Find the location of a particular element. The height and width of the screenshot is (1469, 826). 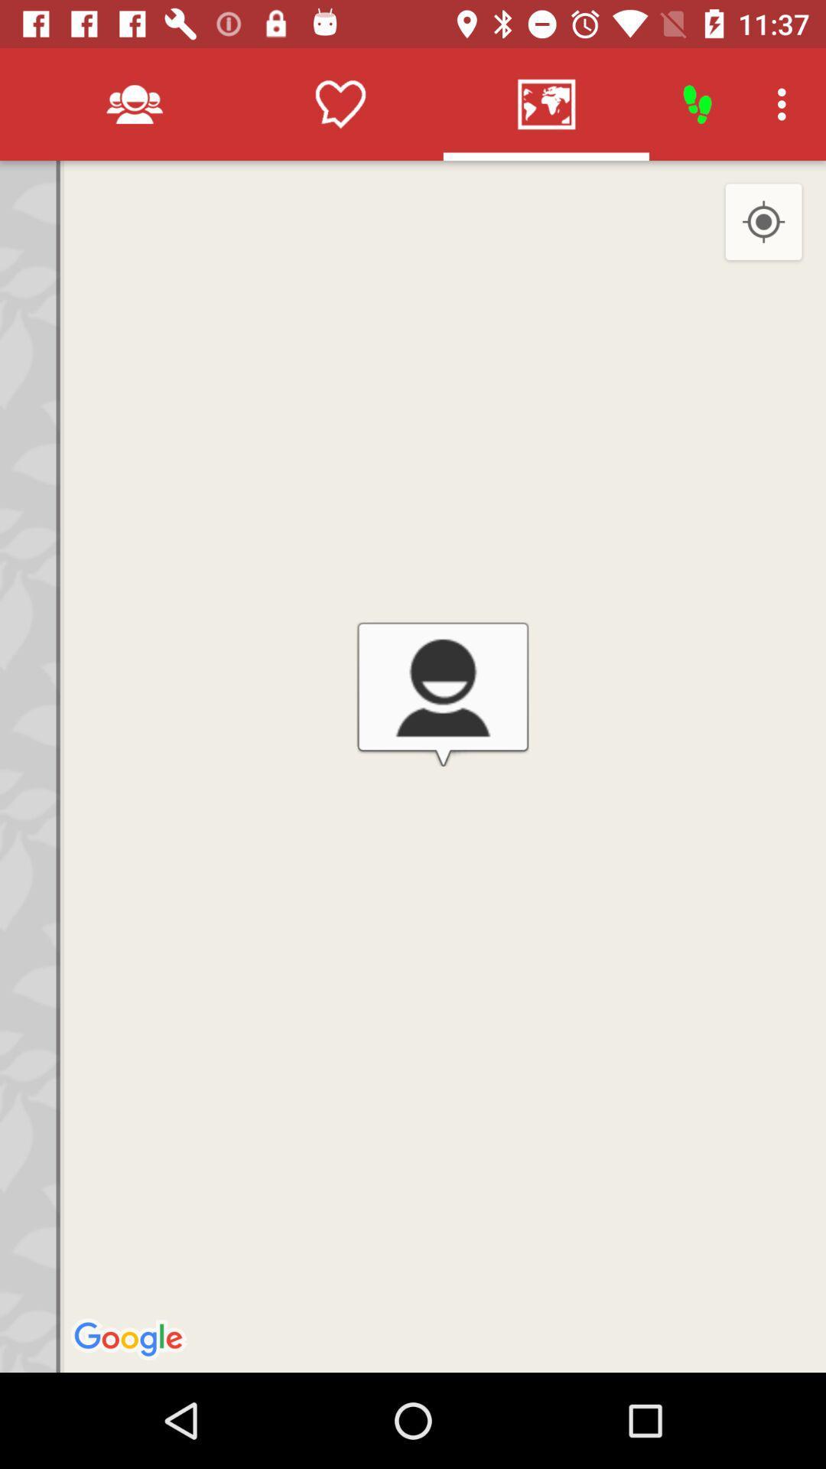

the location_crosshair icon is located at coordinates (763, 222).